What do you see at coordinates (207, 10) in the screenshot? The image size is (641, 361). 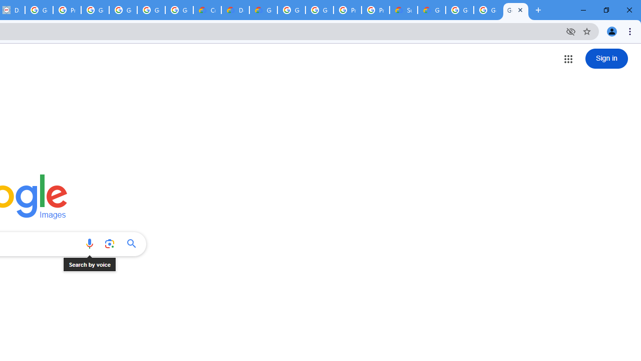 I see `'Customer Care | Google Cloud'` at bounding box center [207, 10].